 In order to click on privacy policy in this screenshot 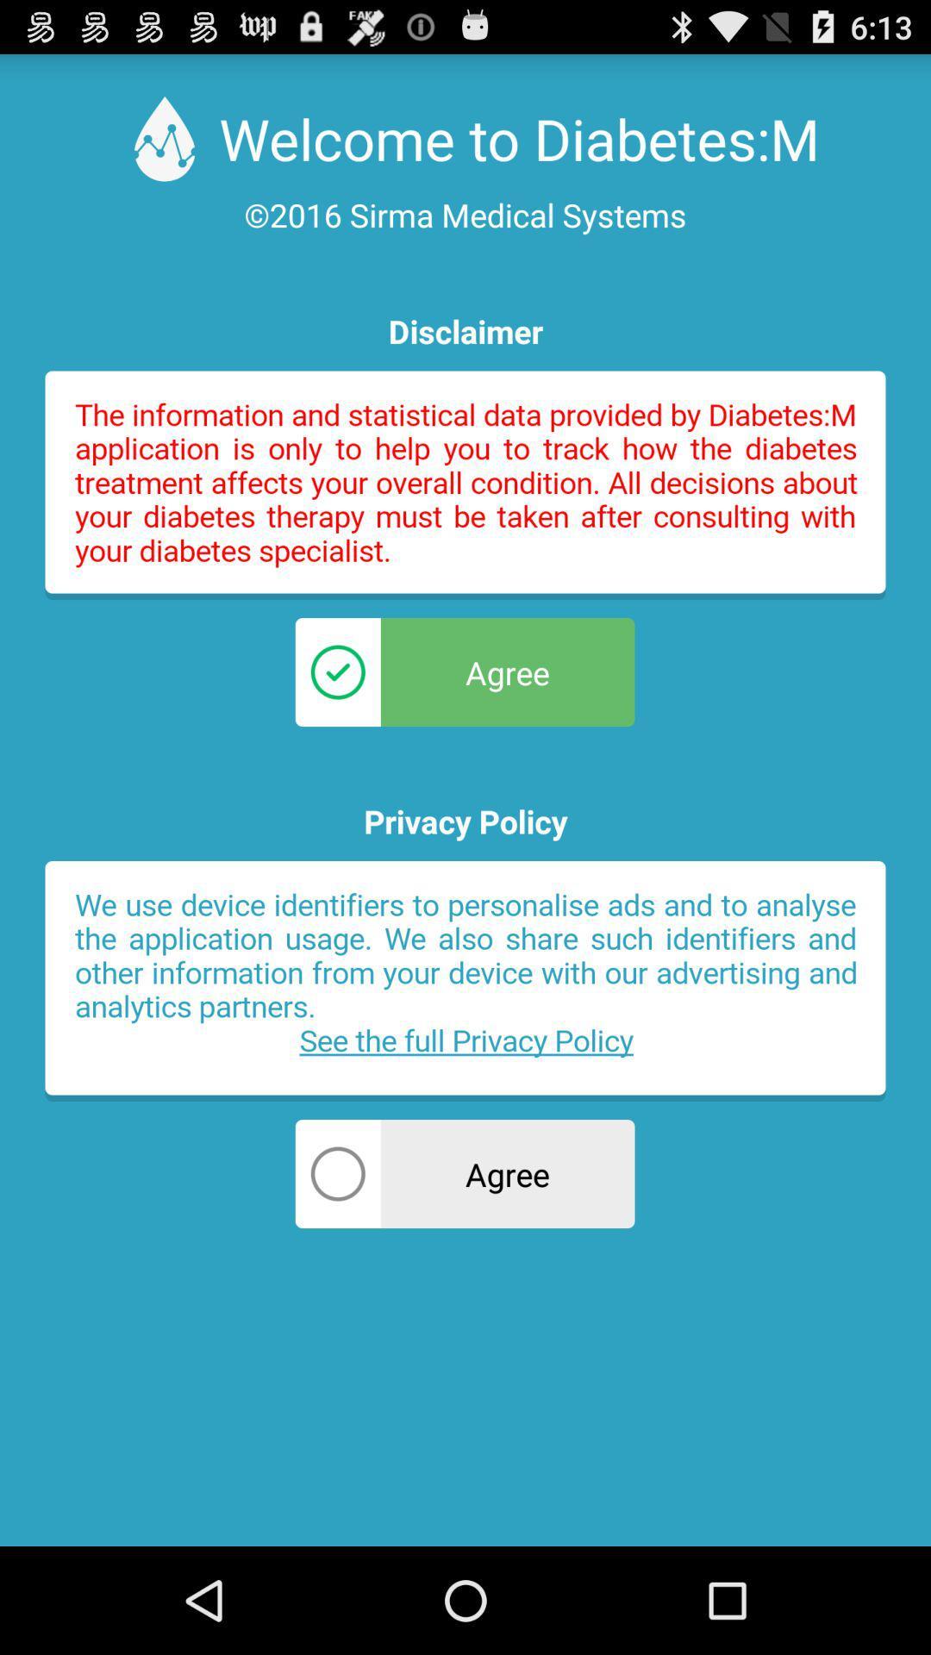, I will do `click(465, 981)`.